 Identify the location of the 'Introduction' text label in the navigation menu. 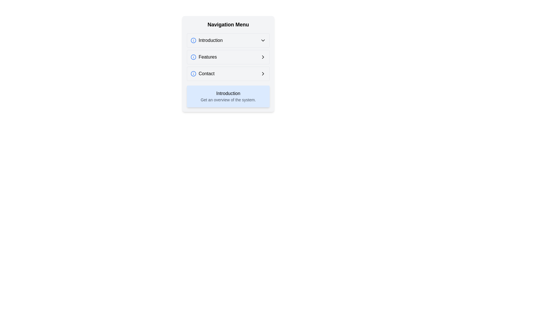
(210, 40).